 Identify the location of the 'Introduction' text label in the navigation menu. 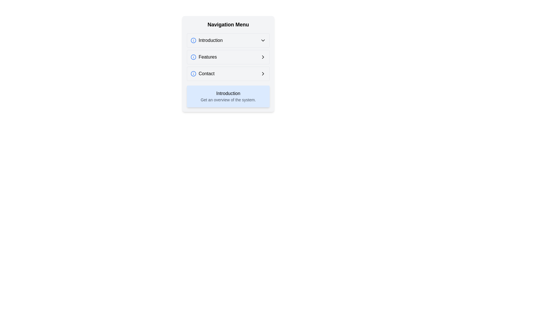
(210, 40).